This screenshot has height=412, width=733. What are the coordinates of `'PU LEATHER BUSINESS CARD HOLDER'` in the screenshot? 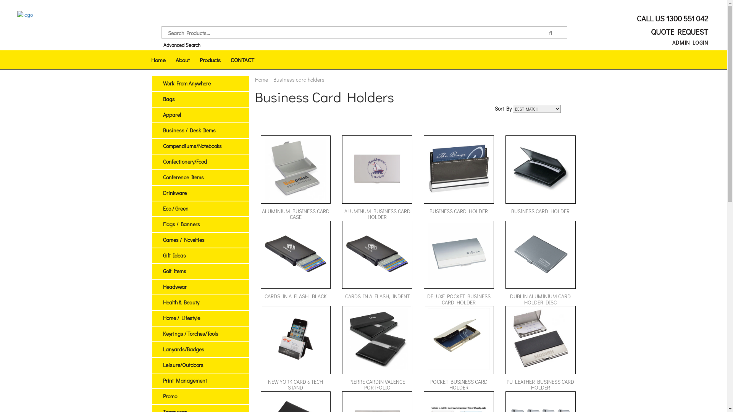 It's located at (540, 349).